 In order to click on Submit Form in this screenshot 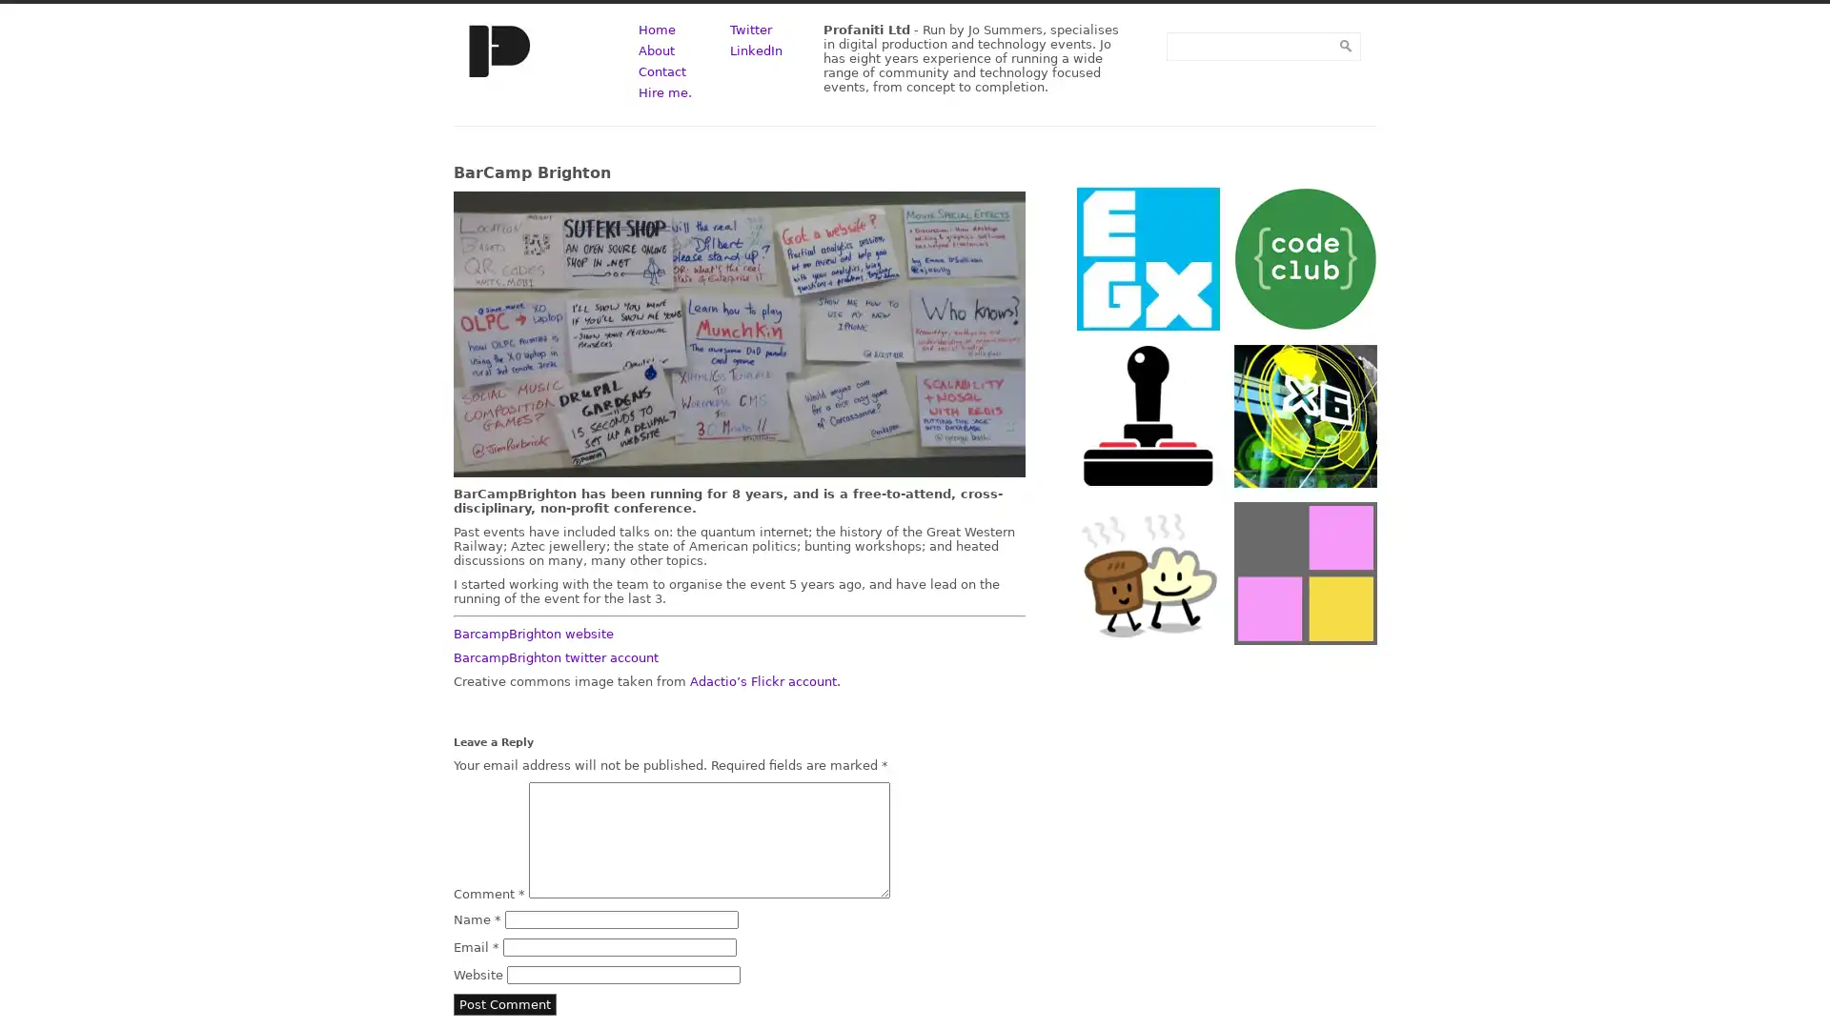, I will do `click(1344, 45)`.